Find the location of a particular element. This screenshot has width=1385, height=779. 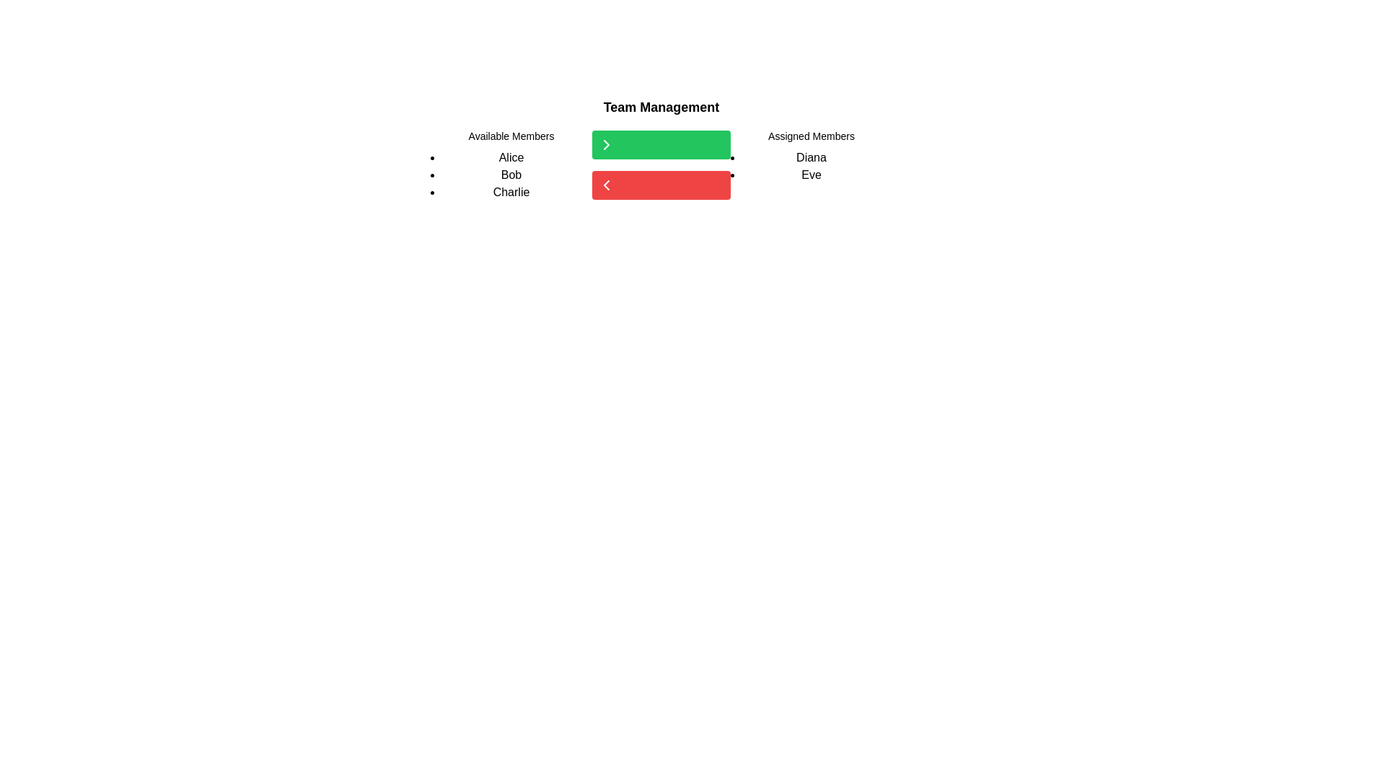

the leftward-pointing chevron icon located within the red rectangular button, which is centered between the 'Available Members' and 'Assigned Members' columns is located at coordinates (606, 185).